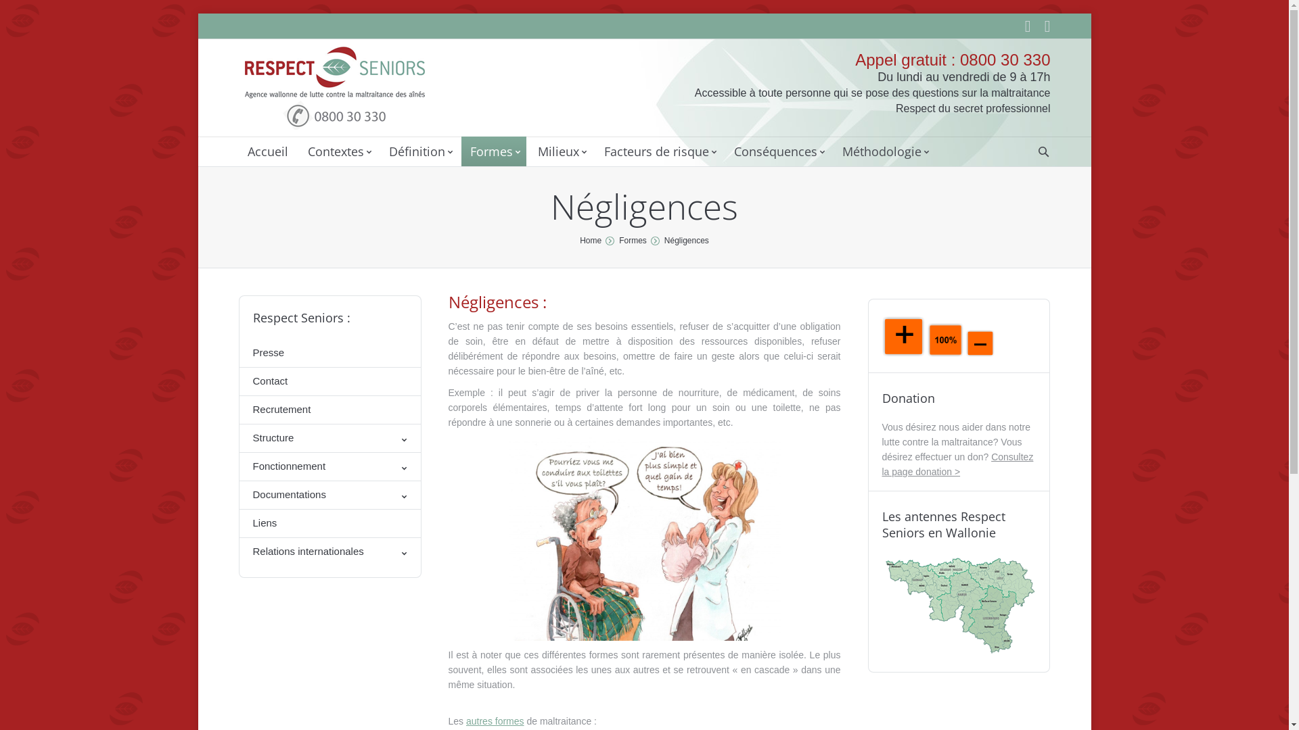 This screenshot has height=730, width=1299. What do you see at coordinates (595, 151) in the screenshot?
I see `'Facteurs de risque'` at bounding box center [595, 151].